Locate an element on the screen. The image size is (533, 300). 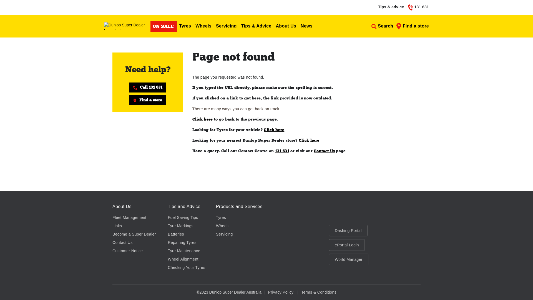
'Checking Your Tyres' is located at coordinates (187, 267).